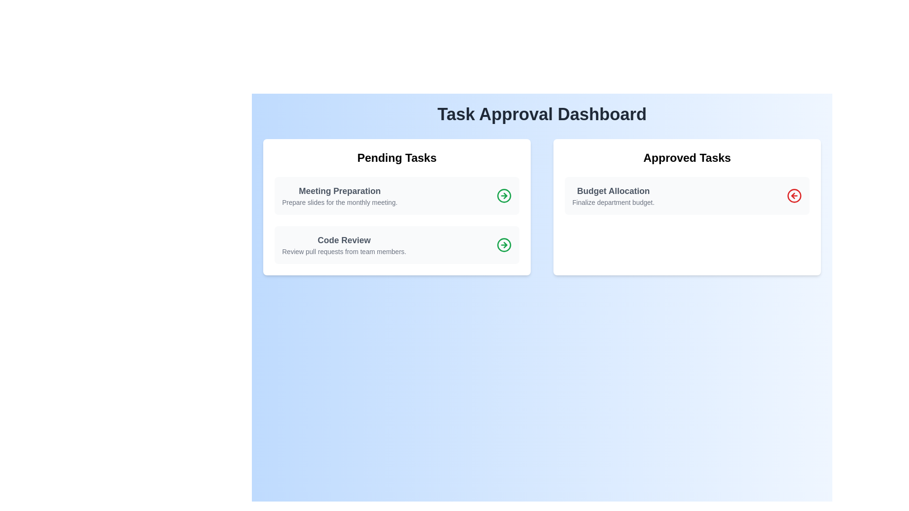 Image resolution: width=909 pixels, height=511 pixels. Describe the element at coordinates (504, 195) in the screenshot. I see `the graphical icon for the 'Code Review' task located in the 'Pending Tasks' section` at that location.